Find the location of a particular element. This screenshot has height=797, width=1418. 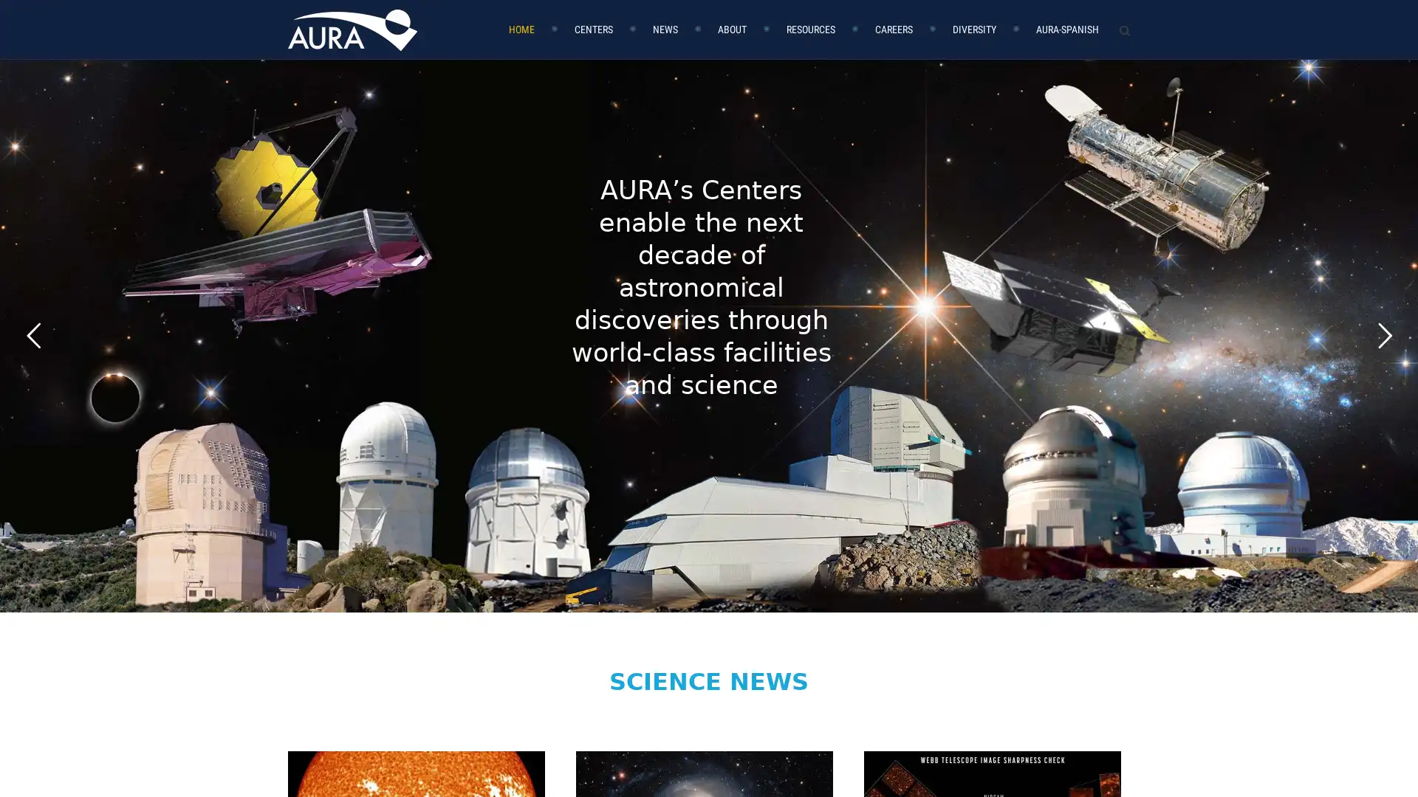

Search... is located at coordinates (1110, 42).